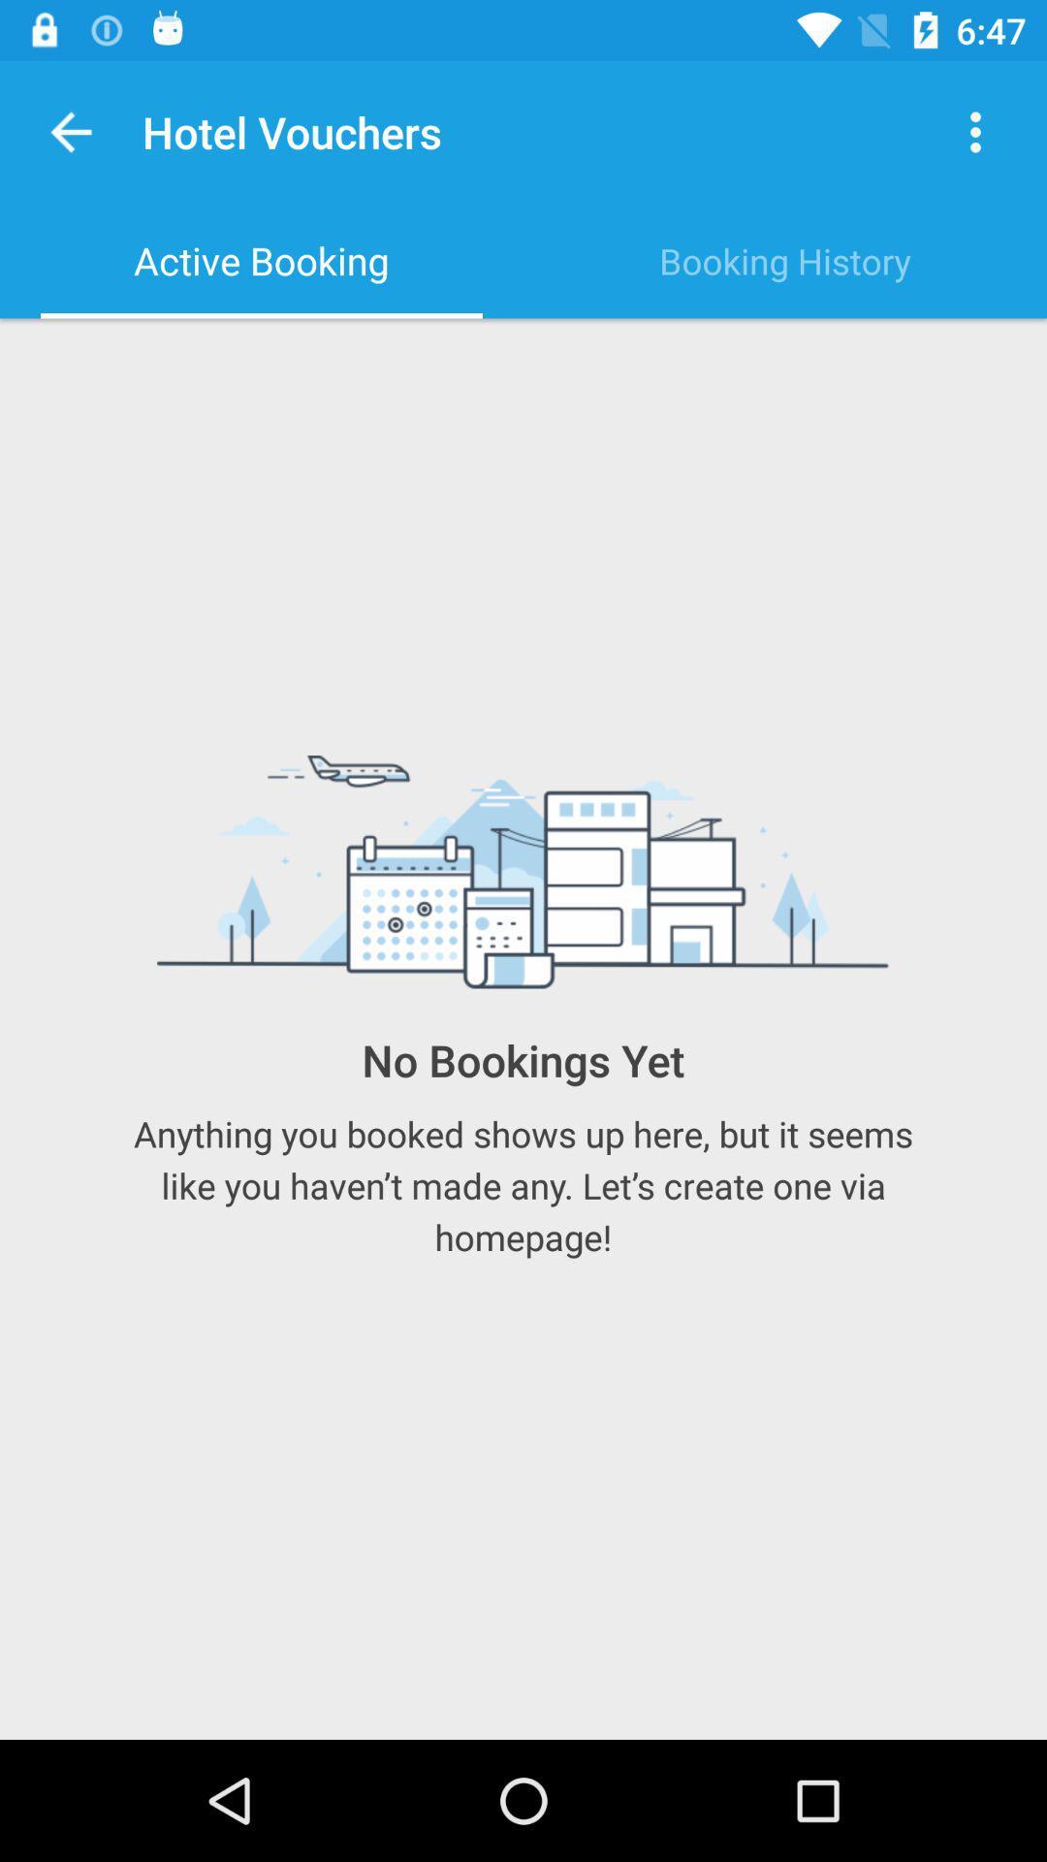 The width and height of the screenshot is (1047, 1862). Describe the element at coordinates (975, 131) in the screenshot. I see `the item to the right of the hotel vouchers item` at that location.